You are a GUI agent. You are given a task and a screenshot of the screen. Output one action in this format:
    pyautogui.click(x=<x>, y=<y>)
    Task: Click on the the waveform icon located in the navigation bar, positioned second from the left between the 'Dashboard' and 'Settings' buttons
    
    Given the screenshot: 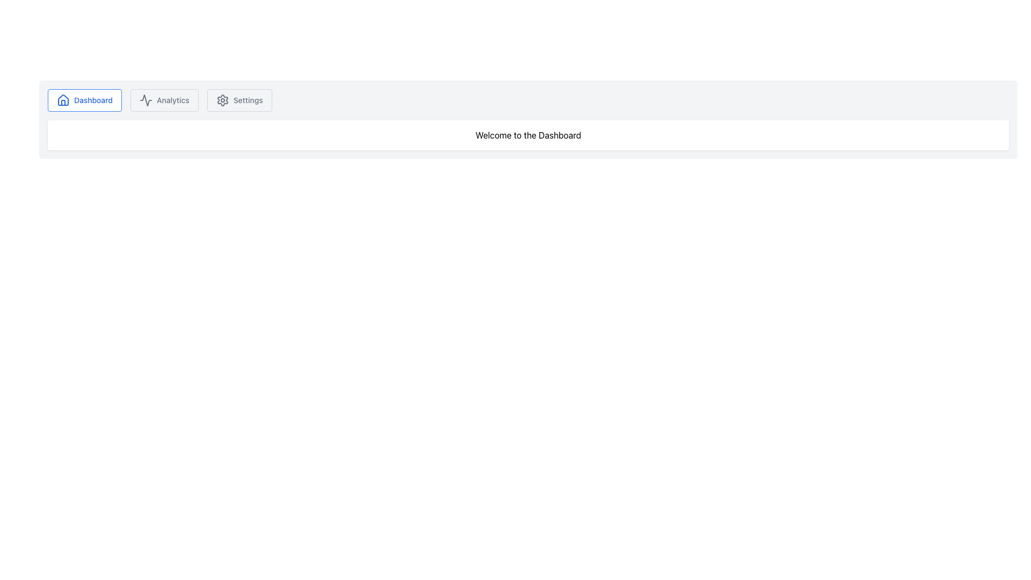 What is the action you would take?
    pyautogui.click(x=146, y=100)
    